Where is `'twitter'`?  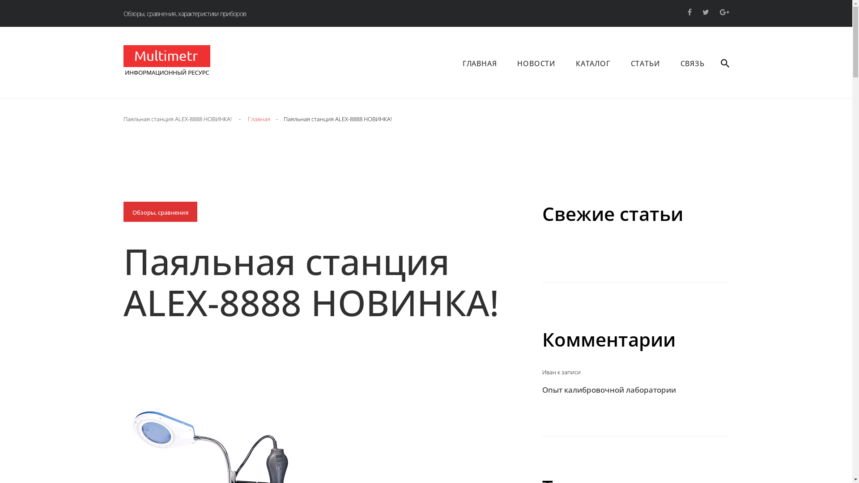
'twitter' is located at coordinates (705, 12).